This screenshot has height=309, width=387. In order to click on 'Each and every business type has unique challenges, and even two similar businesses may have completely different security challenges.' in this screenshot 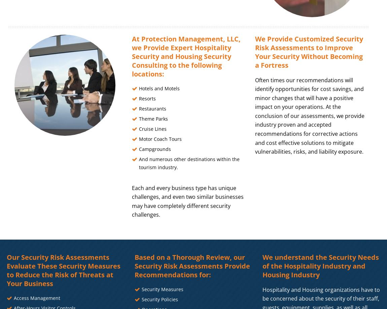, I will do `click(132, 200)`.